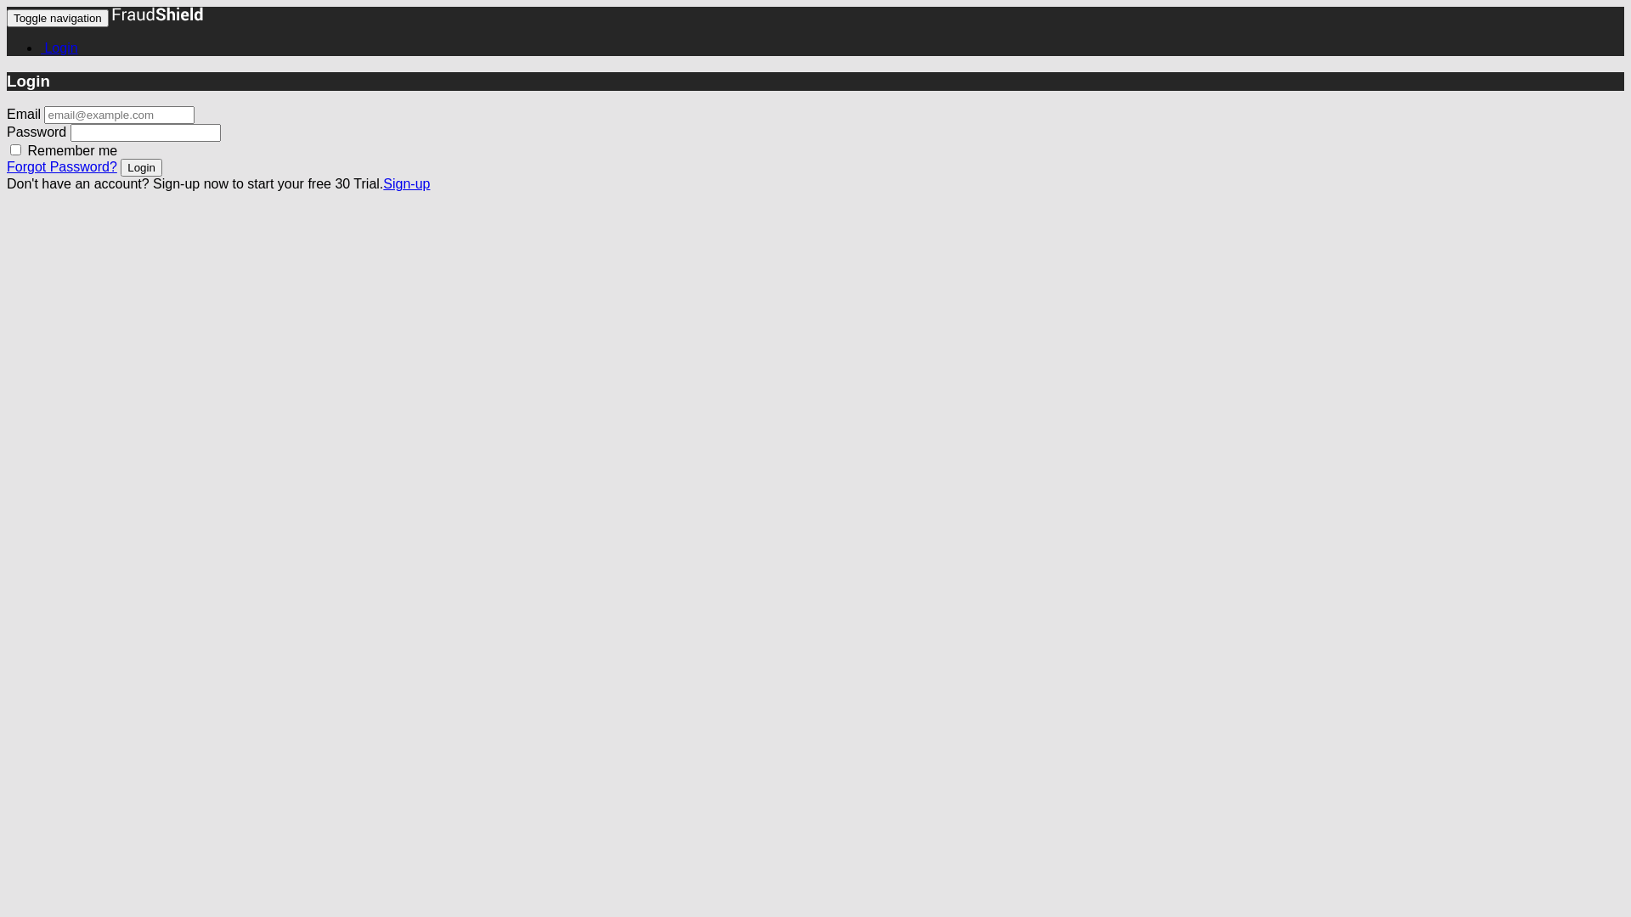  Describe the element at coordinates (41, 47) in the screenshot. I see `' Login'` at that location.